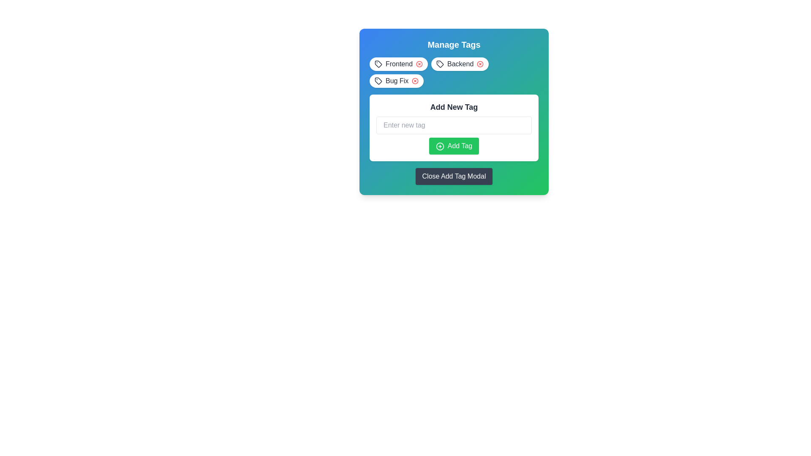 The width and height of the screenshot is (811, 456). I want to click on the tag icon located to the left of the 'Backend' text label, which is presented in a rounded white background within the 'Manage Tags' card, so click(439, 63).